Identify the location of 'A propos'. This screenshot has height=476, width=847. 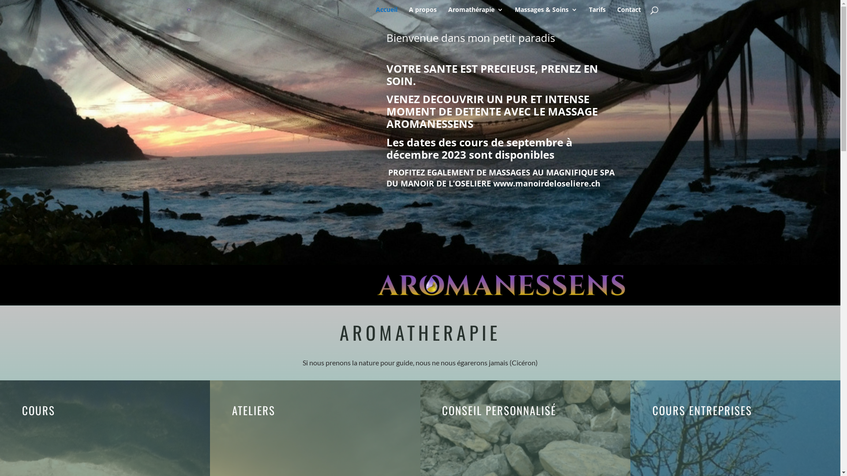
(408, 13).